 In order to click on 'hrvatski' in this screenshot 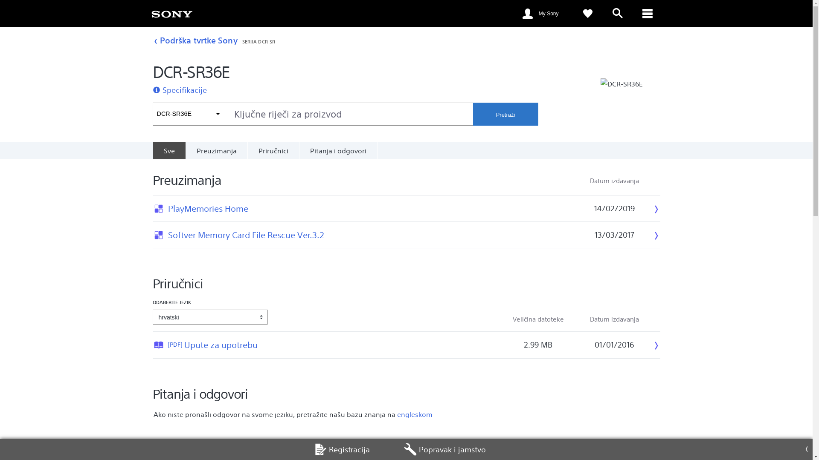, I will do `click(210, 317)`.